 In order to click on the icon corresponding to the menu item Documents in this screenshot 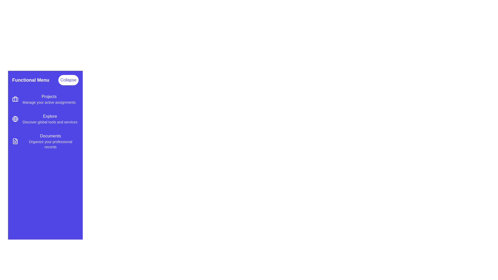, I will do `click(15, 141)`.